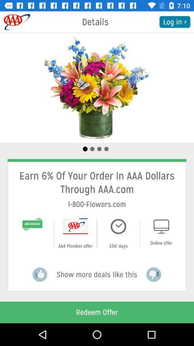  What do you see at coordinates (40, 274) in the screenshot?
I see `the thumbs_up icon` at bounding box center [40, 274].